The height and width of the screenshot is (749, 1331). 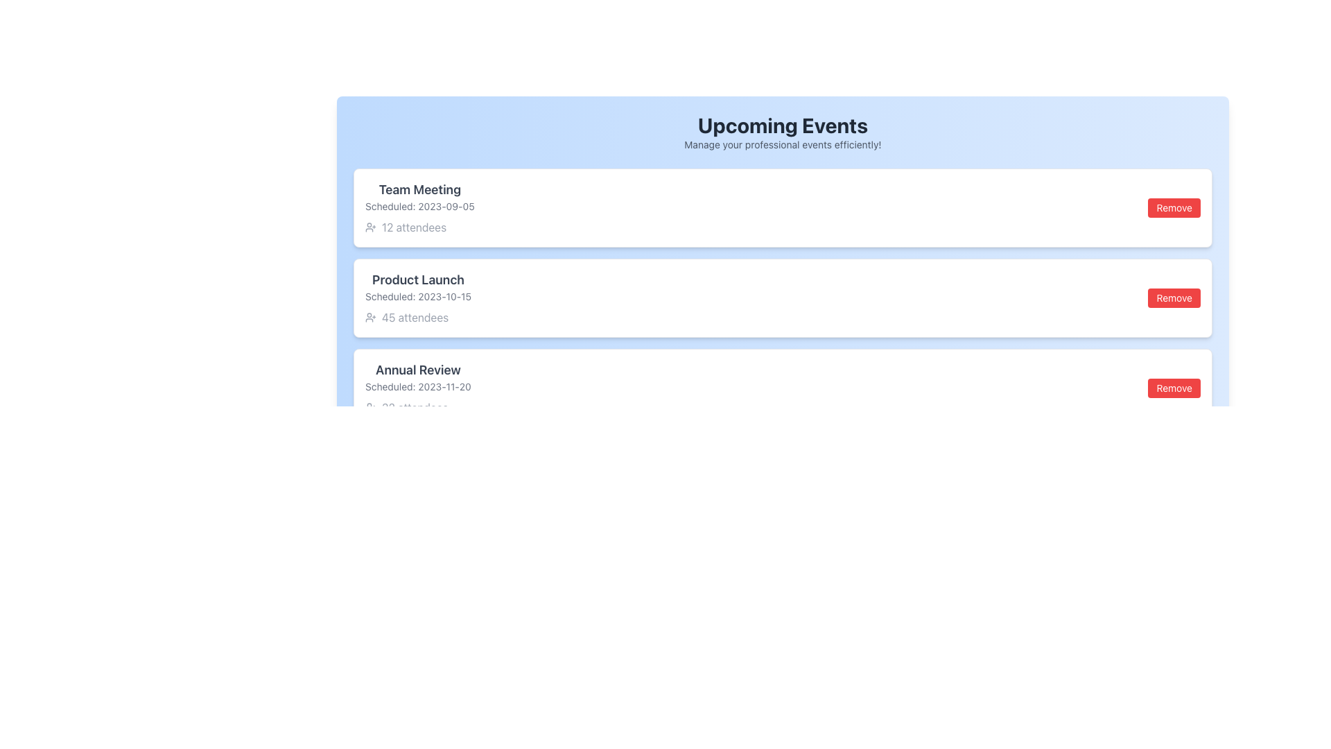 What do you see at coordinates (417, 296) in the screenshot?
I see `the Static Text element displaying the scheduled event date 'Scheduled: 2023-10-15' which is located beneath the title 'Product Launch'` at bounding box center [417, 296].